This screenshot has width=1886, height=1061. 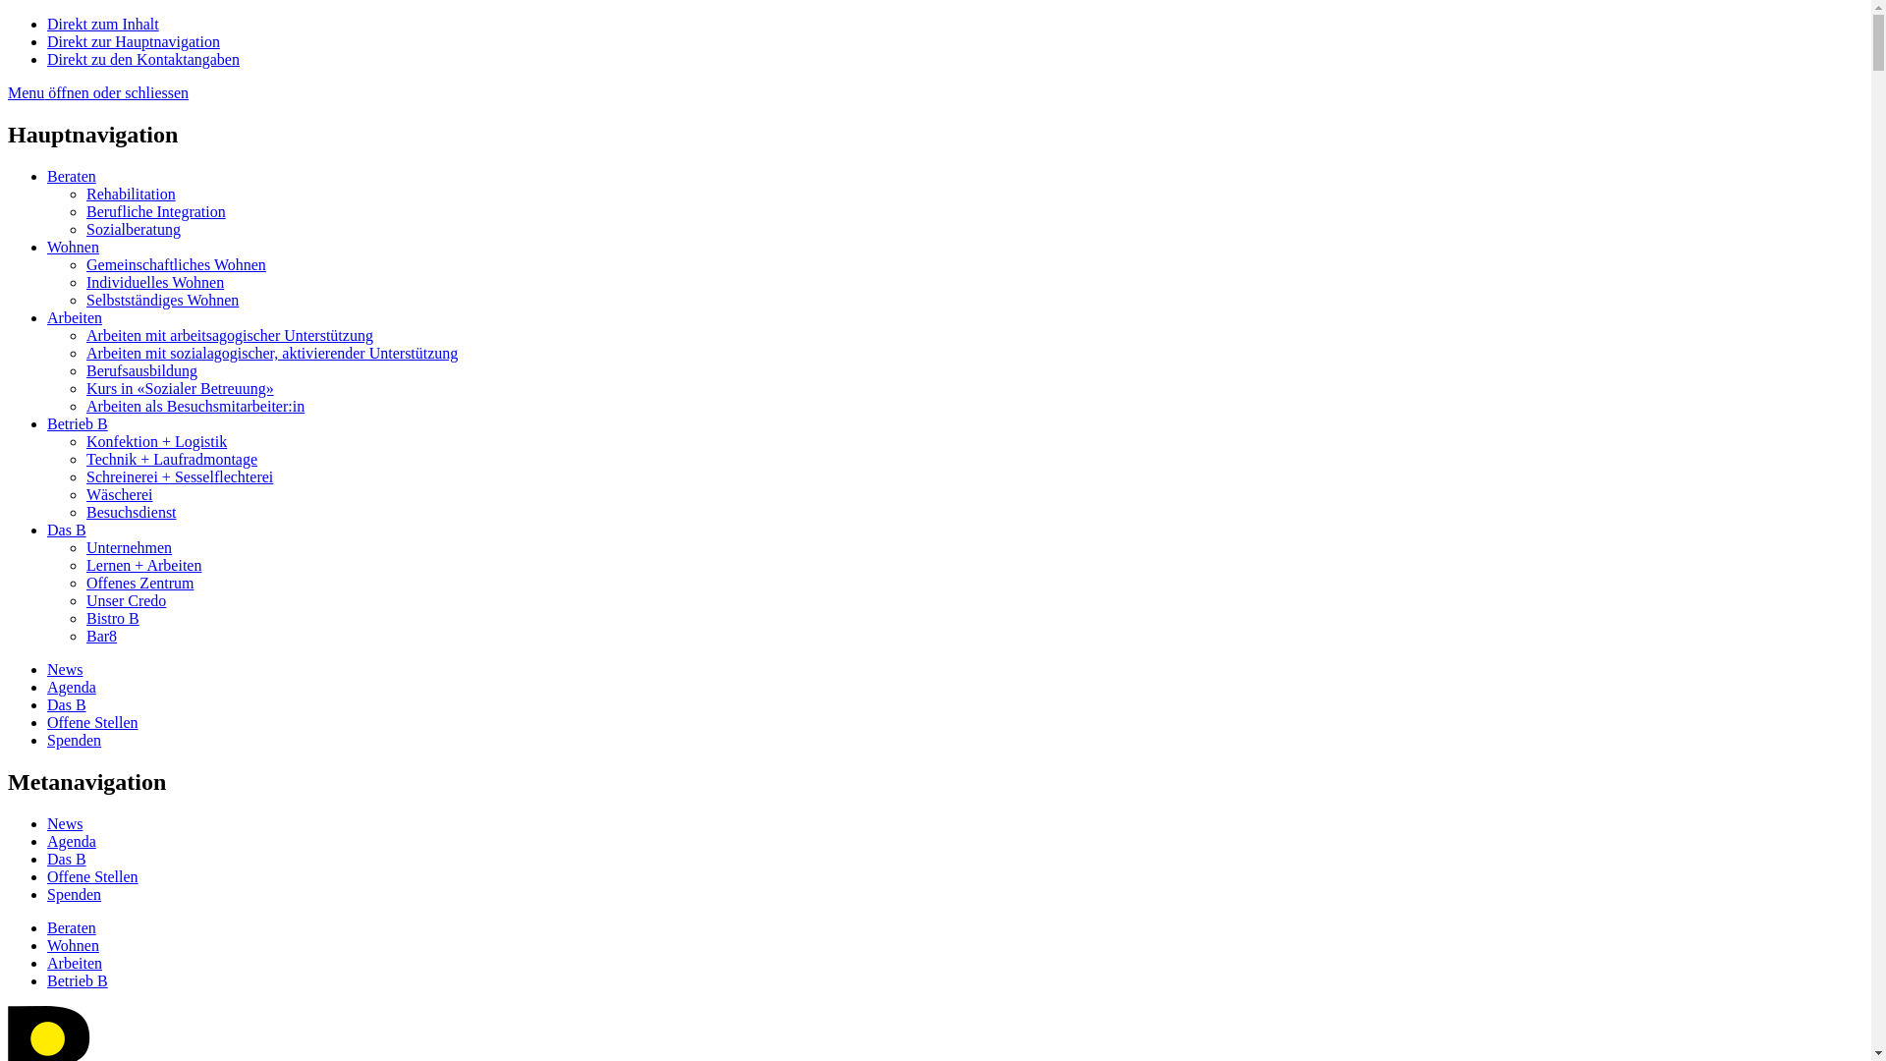 I want to click on 'Das B', so click(x=47, y=703).